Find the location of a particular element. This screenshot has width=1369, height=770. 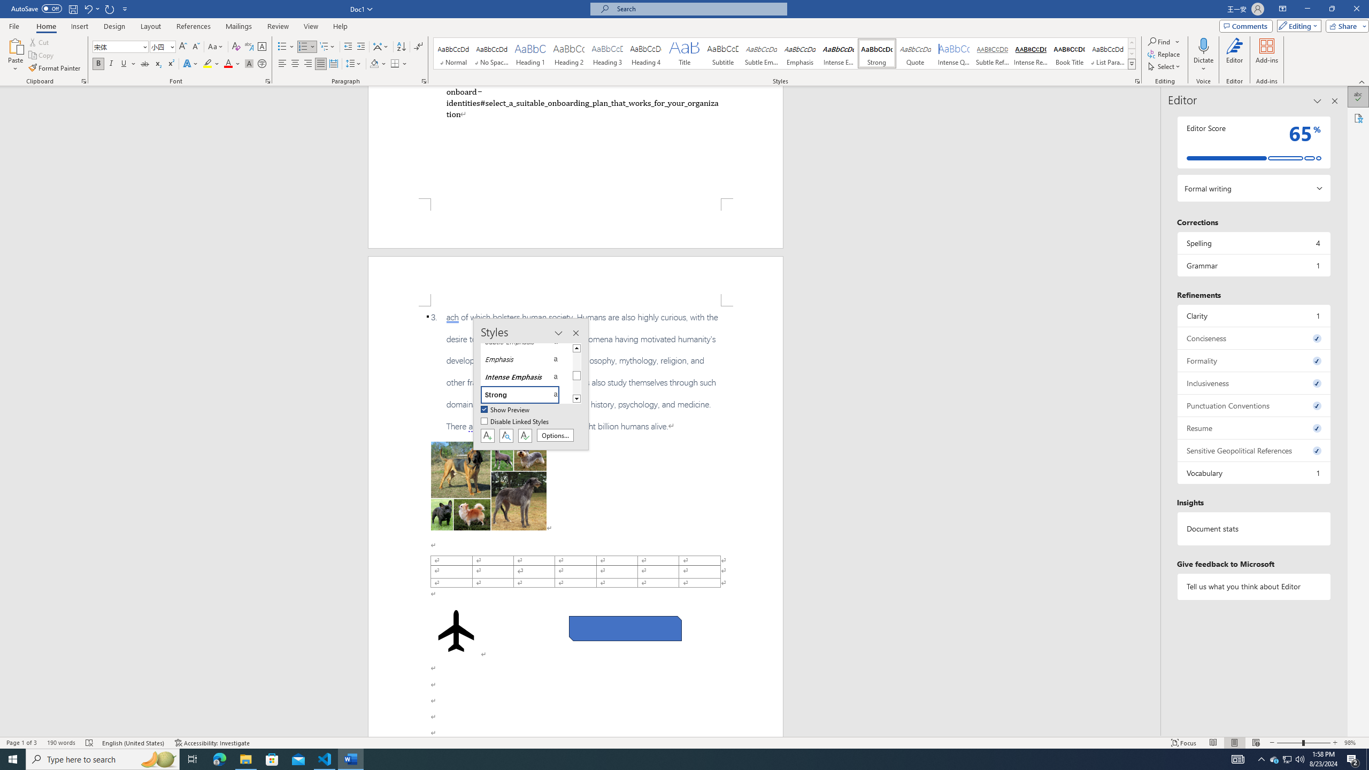

'Quote' is located at coordinates (916, 53).